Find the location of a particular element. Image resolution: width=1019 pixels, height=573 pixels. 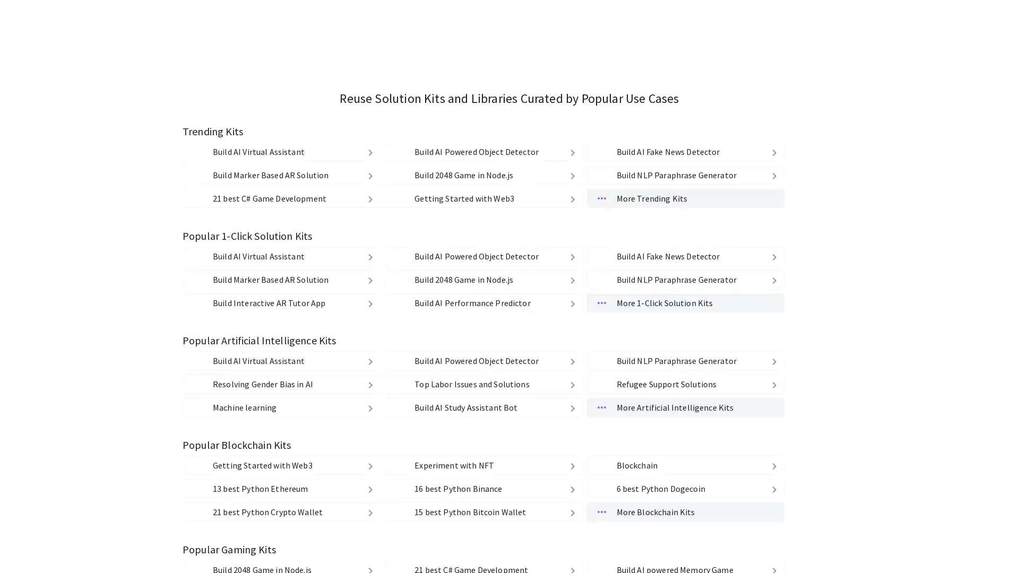

delete is located at coordinates (572, 465).